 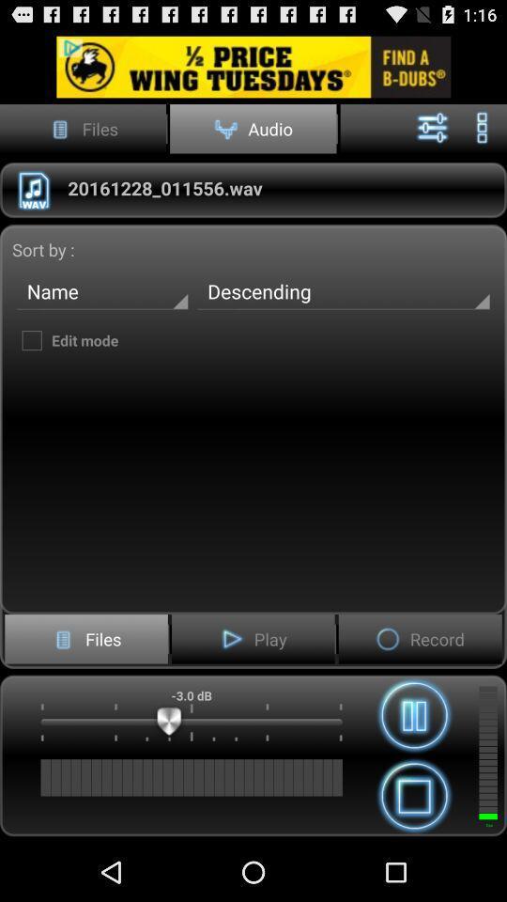 What do you see at coordinates (414, 765) in the screenshot?
I see `the pause icon` at bounding box center [414, 765].